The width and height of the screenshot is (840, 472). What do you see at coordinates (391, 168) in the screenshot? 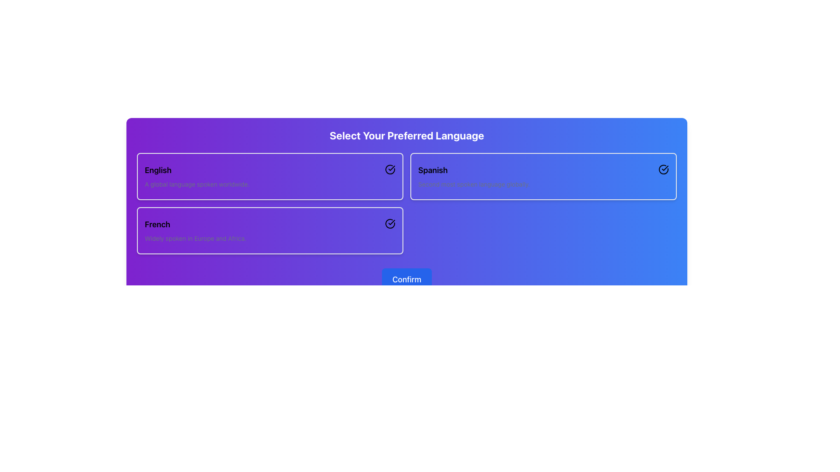
I see `the checkmark icon associated with the 'Spanish' language option` at bounding box center [391, 168].